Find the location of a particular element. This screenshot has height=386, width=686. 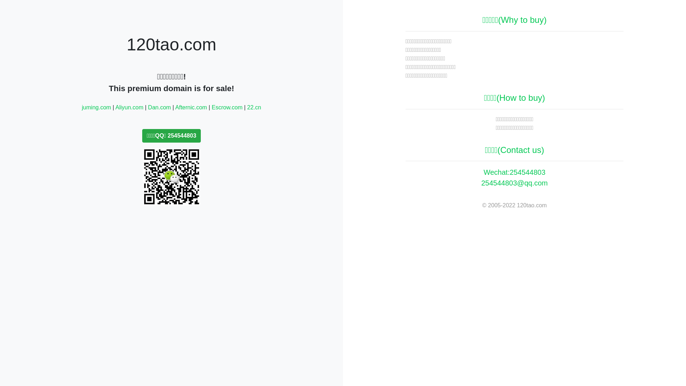

'254544803@qq.com' is located at coordinates (514, 183).